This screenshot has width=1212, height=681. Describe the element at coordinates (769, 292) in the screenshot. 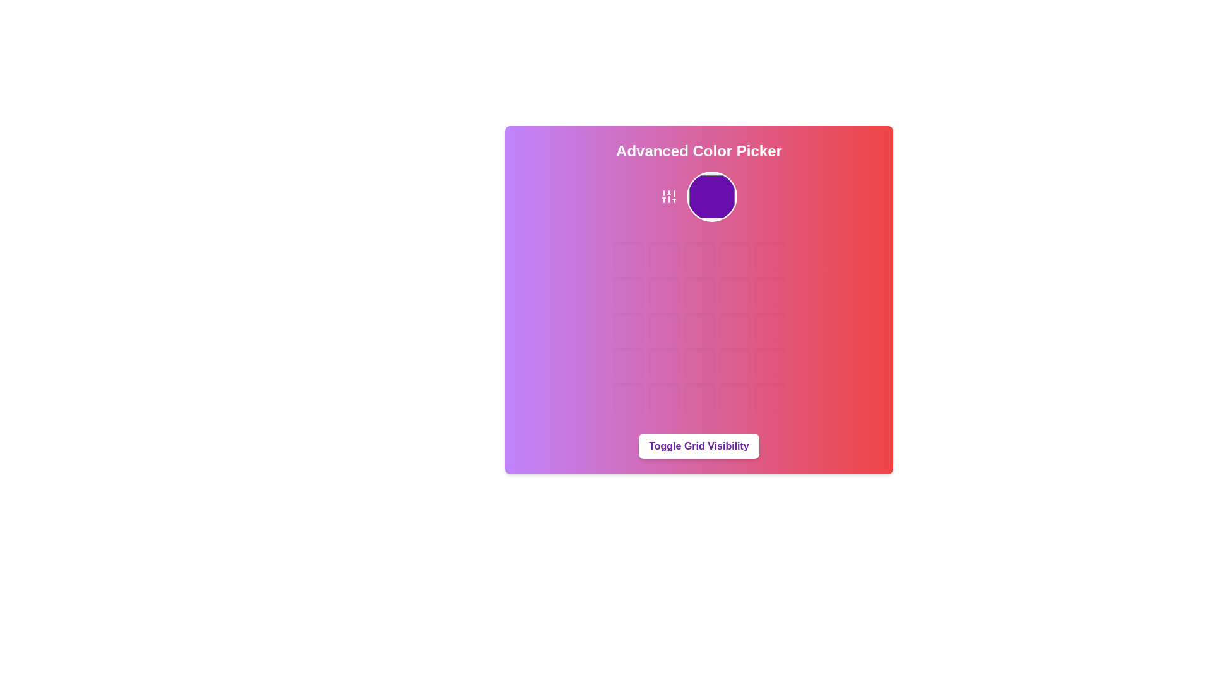

I see `the square grid cell located in the second row and fifth column of the color selection grid` at that location.